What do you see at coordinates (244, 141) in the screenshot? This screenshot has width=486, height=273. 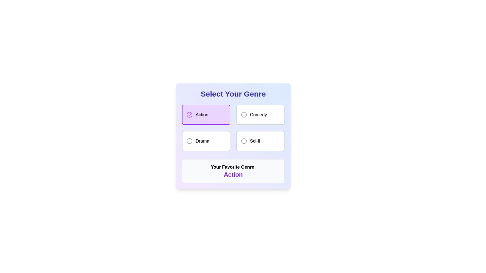 I see `the radio button for the 'Sci-fi' genre option` at bounding box center [244, 141].